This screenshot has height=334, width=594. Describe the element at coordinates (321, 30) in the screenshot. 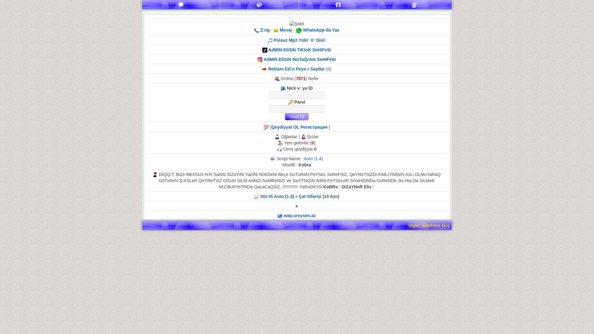

I see `'WhatsApp-da Yaz'` at that location.